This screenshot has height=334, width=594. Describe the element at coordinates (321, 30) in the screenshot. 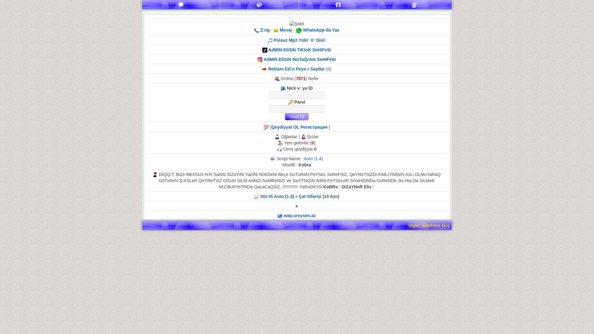

I see `'WhatsApp-da Yaz'` at that location.